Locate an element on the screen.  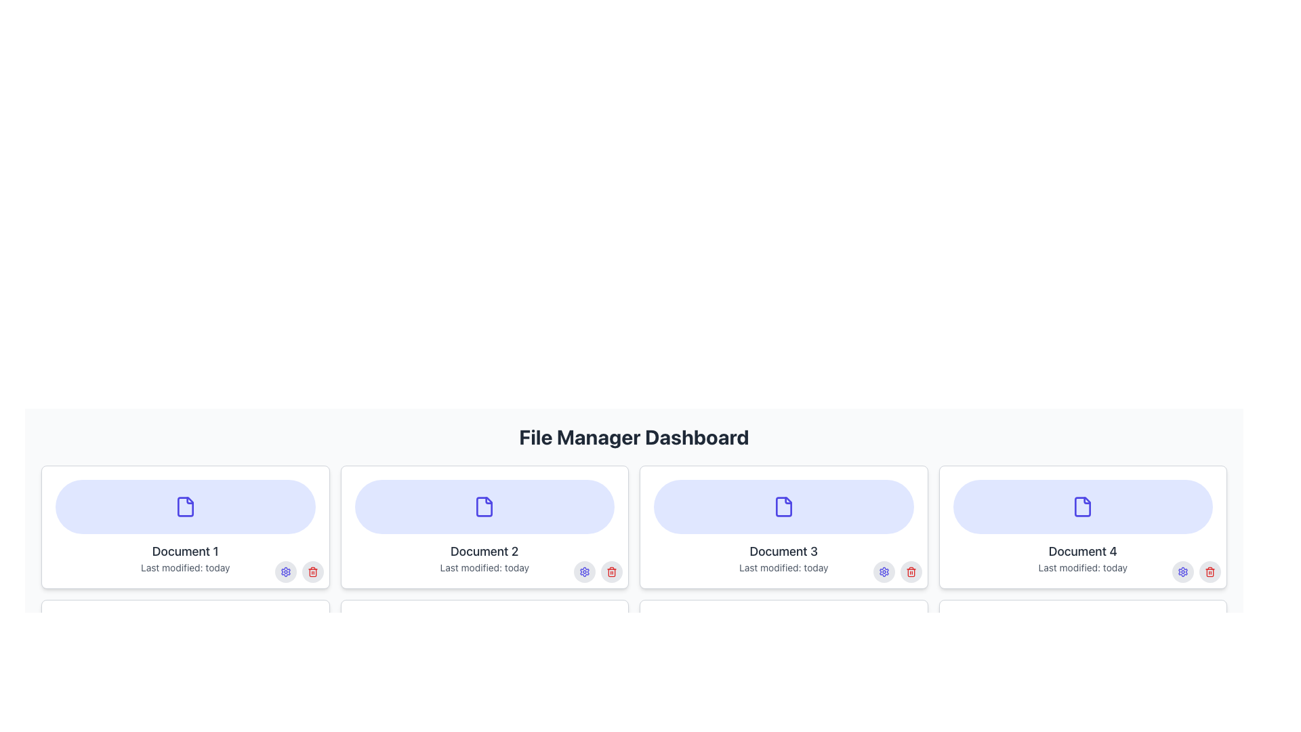
the gear icon located at the bottom right corner of the 'Document 2' card is located at coordinates (585, 572).